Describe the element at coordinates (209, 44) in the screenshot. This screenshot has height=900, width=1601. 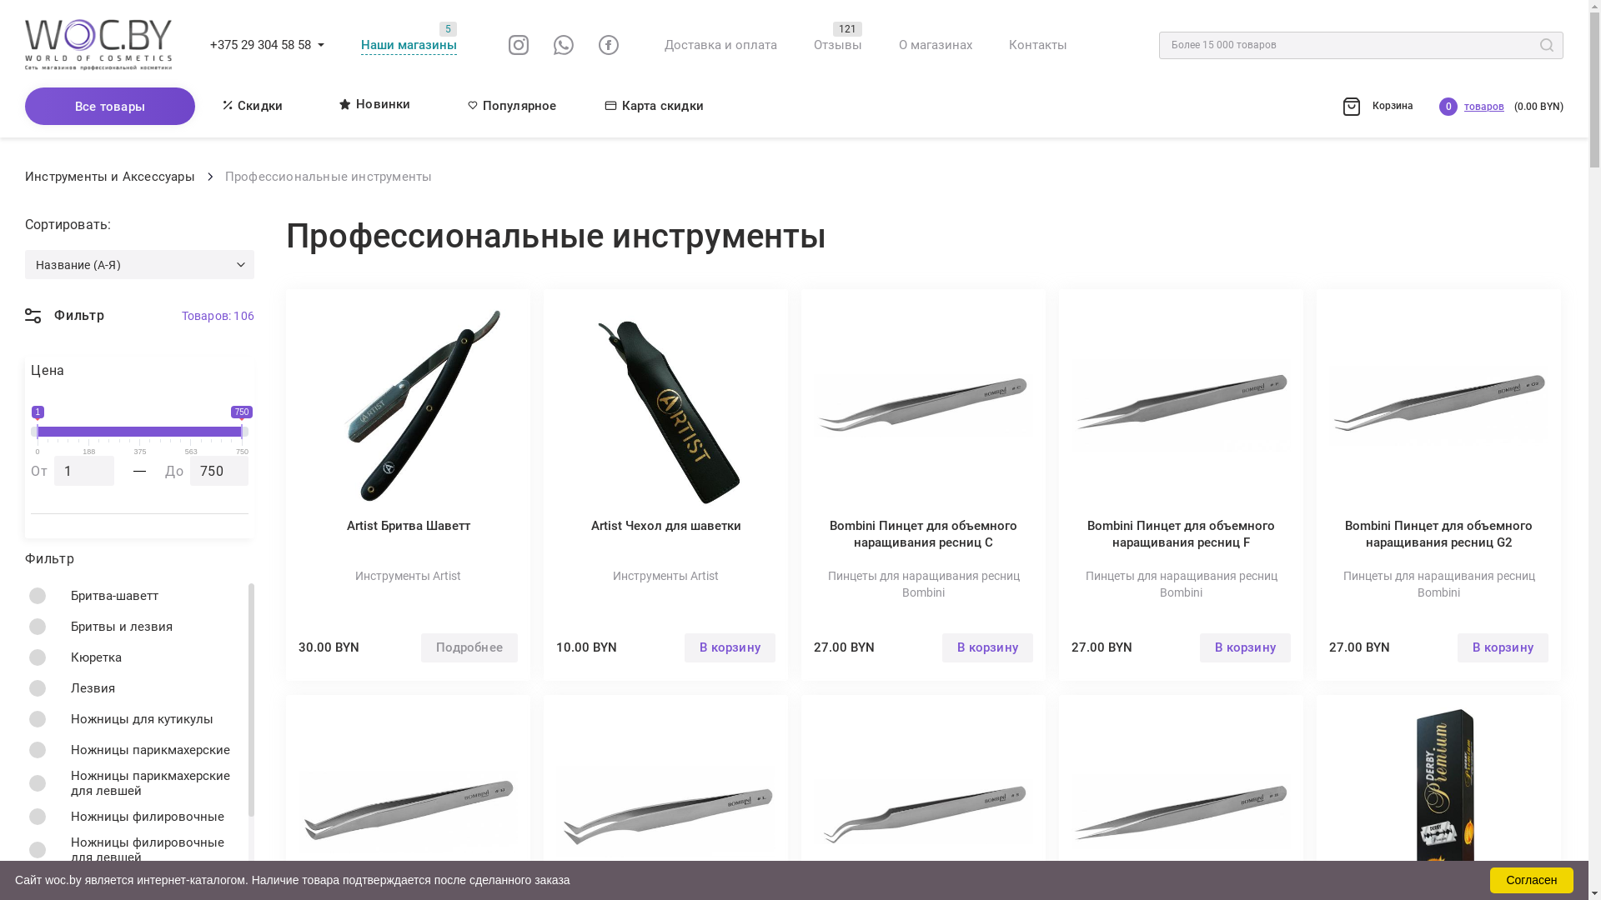
I see `'+375 29 304 58 58'` at that location.